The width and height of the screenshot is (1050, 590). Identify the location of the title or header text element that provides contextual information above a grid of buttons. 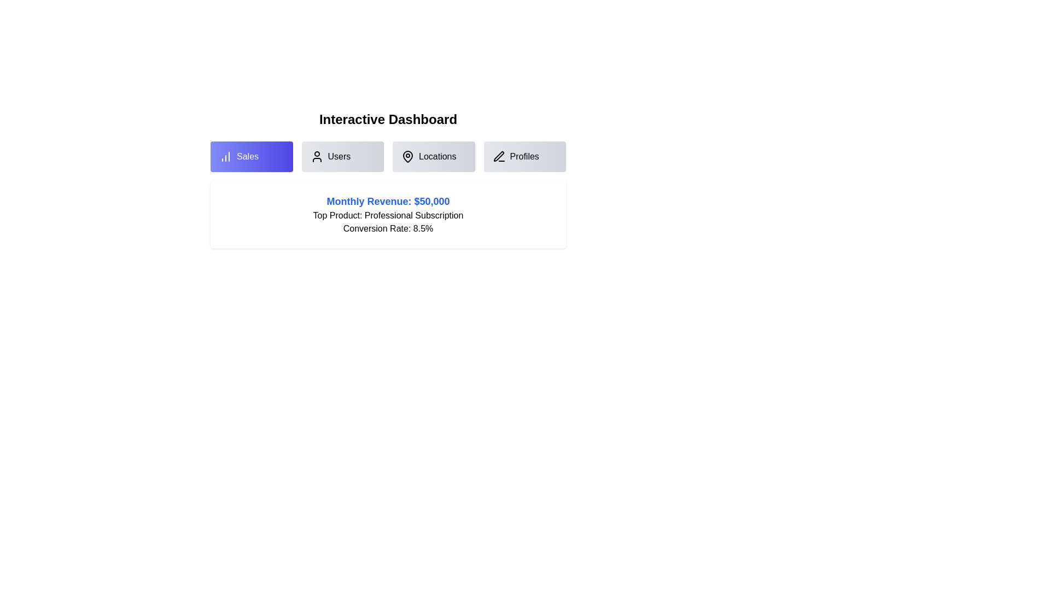
(388, 120).